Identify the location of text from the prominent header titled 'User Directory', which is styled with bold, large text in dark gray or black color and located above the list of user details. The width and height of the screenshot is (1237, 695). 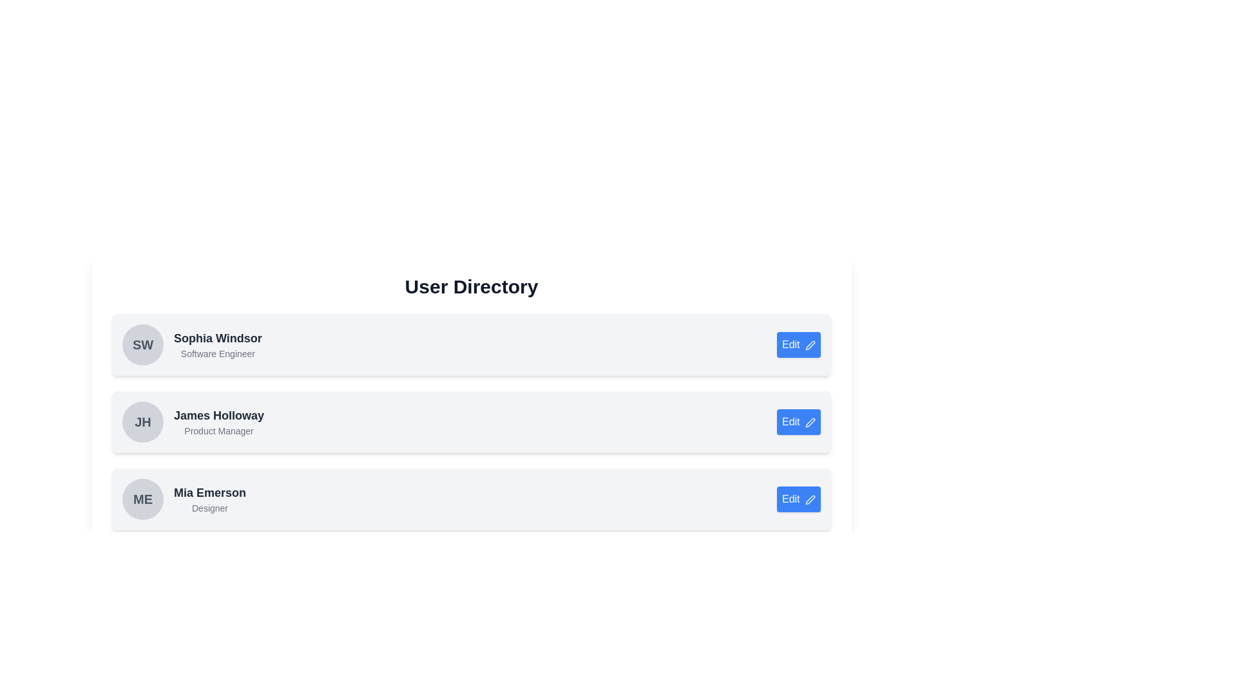
(470, 286).